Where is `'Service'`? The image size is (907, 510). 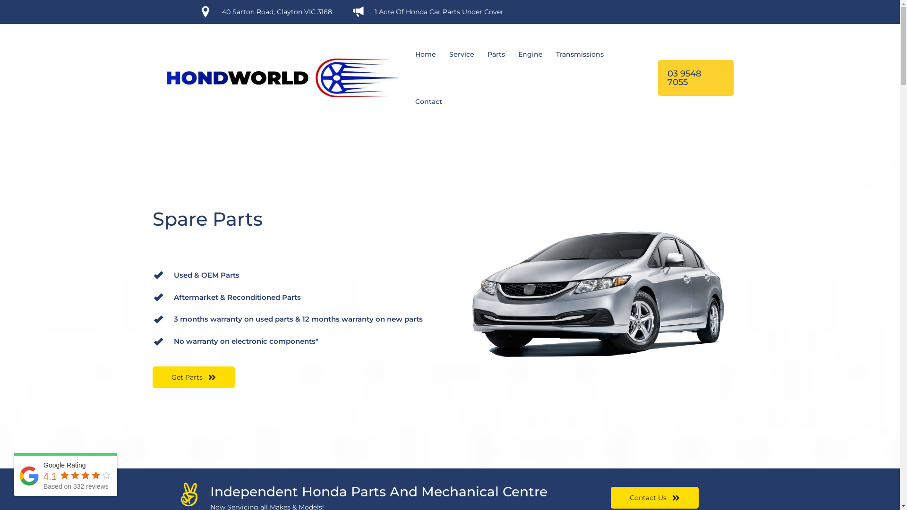
'Service' is located at coordinates (461, 54).